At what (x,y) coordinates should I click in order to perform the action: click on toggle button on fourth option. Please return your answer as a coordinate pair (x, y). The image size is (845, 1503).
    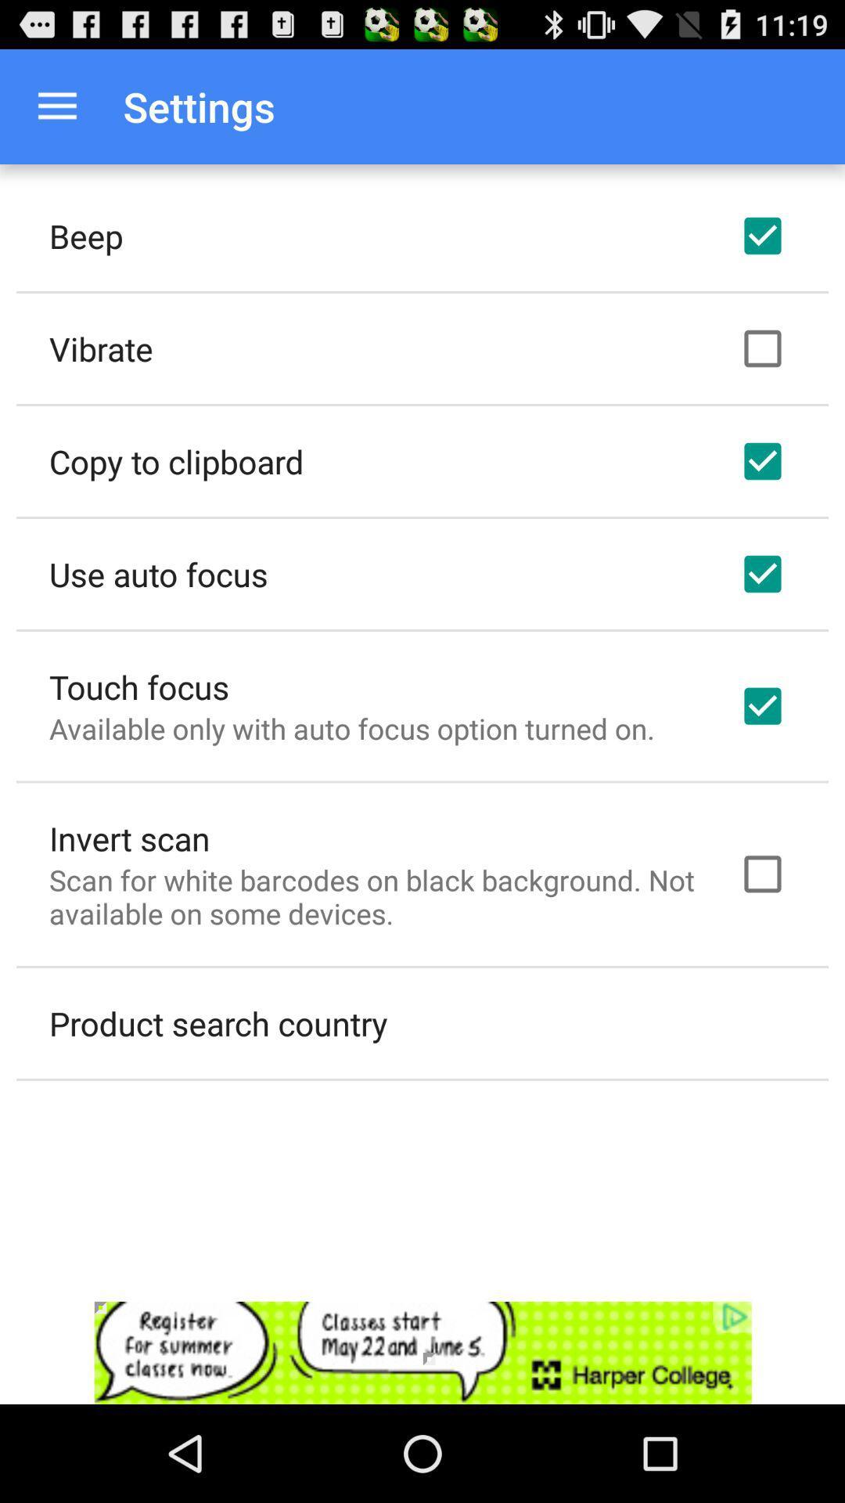
    Looking at the image, I should click on (762, 574).